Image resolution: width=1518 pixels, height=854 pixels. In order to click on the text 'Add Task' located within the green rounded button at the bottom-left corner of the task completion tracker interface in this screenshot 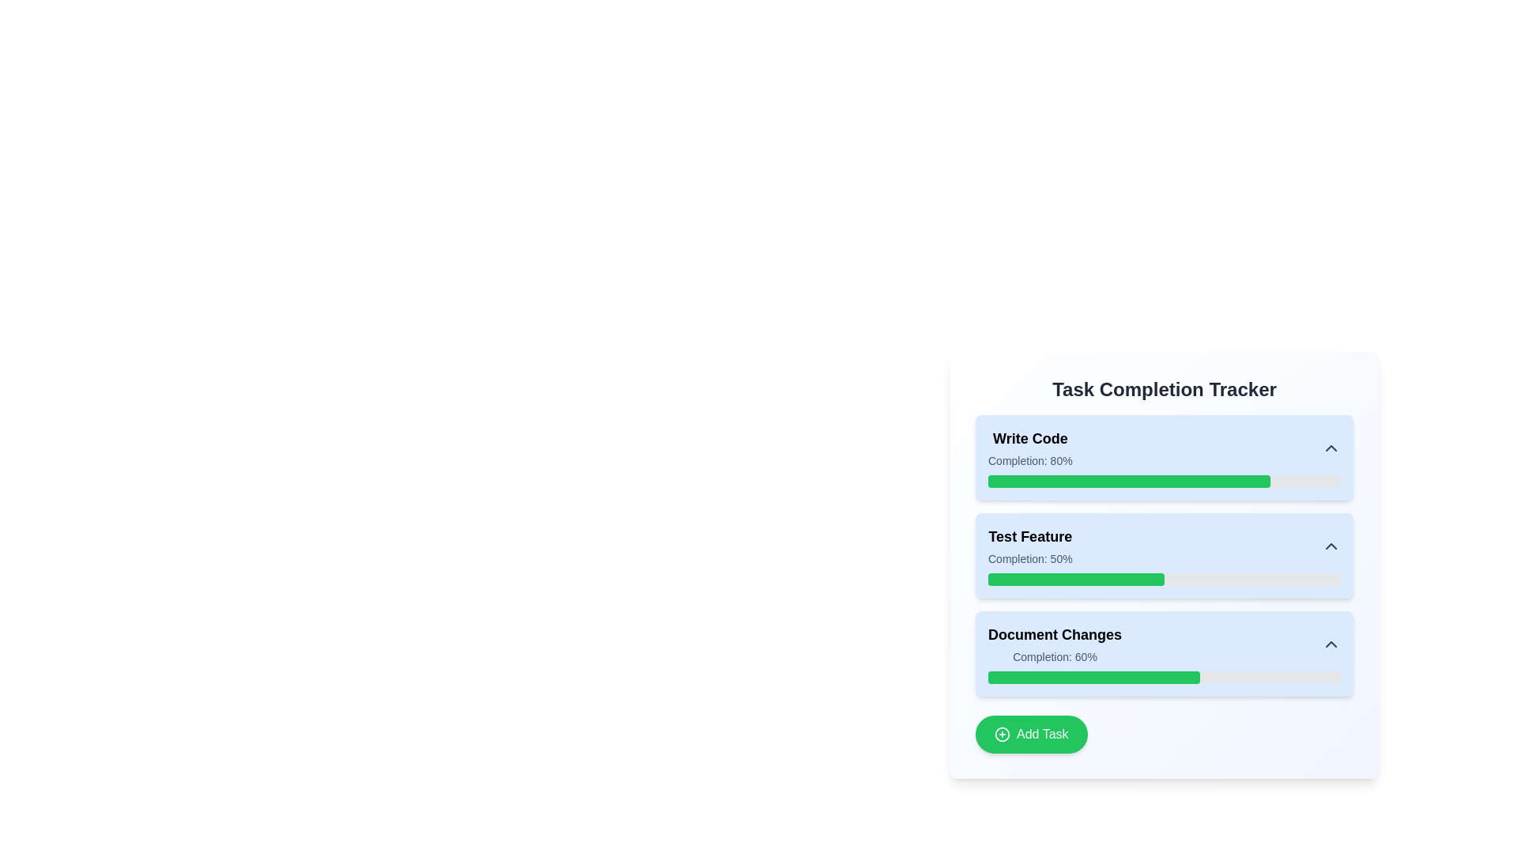, I will do `click(1042, 735)`.